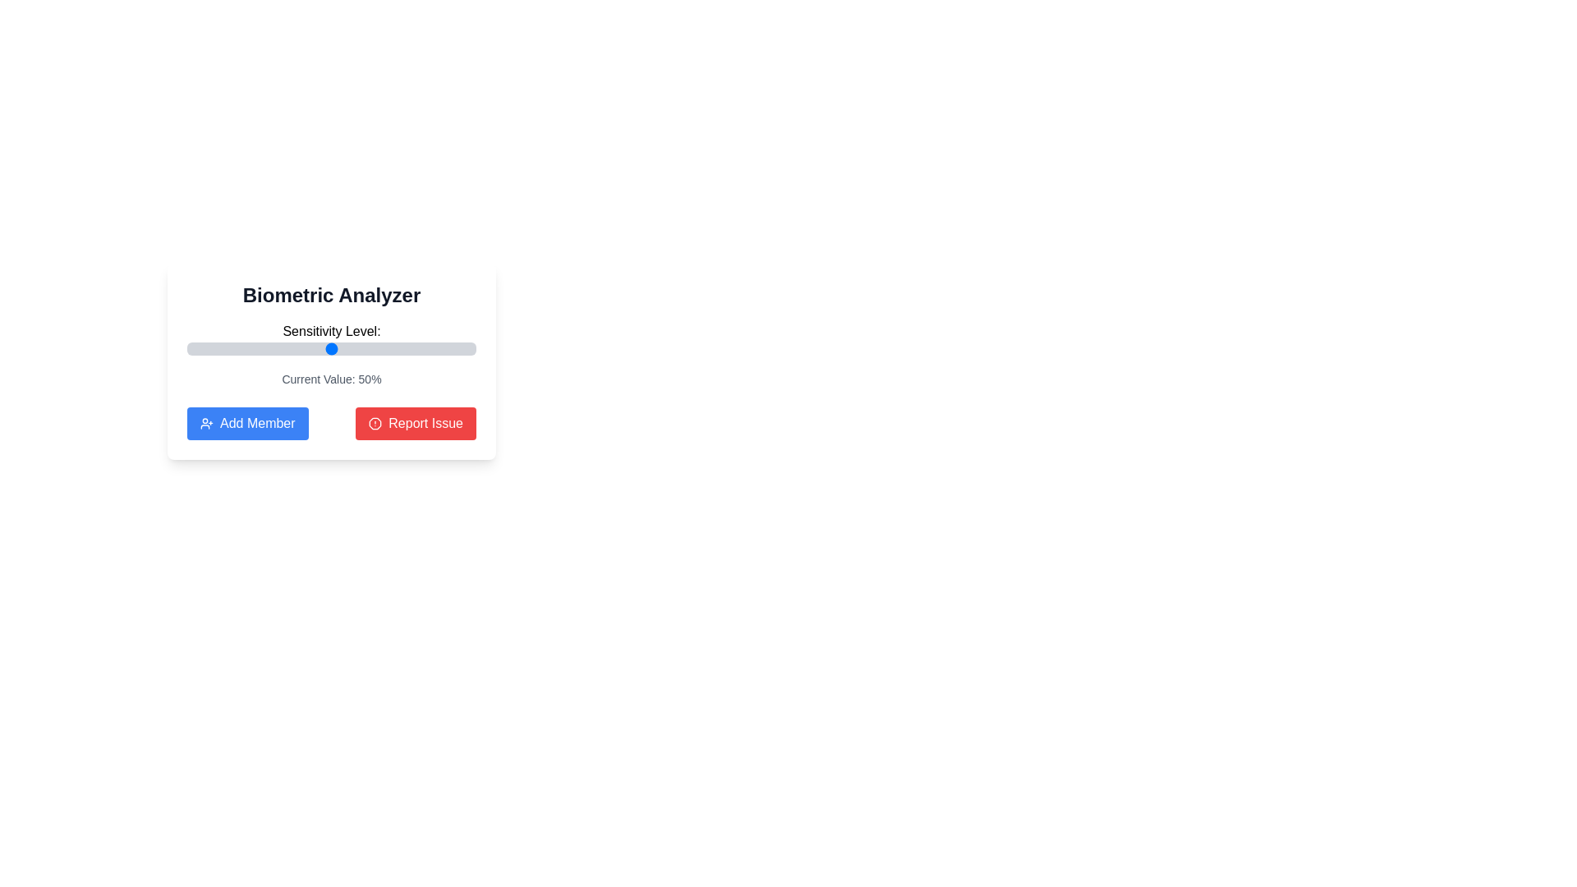 The height and width of the screenshot is (887, 1577). What do you see at coordinates (206, 423) in the screenshot?
I see `the decorative icon located to the left of the 'Add Member' text on the button` at bounding box center [206, 423].